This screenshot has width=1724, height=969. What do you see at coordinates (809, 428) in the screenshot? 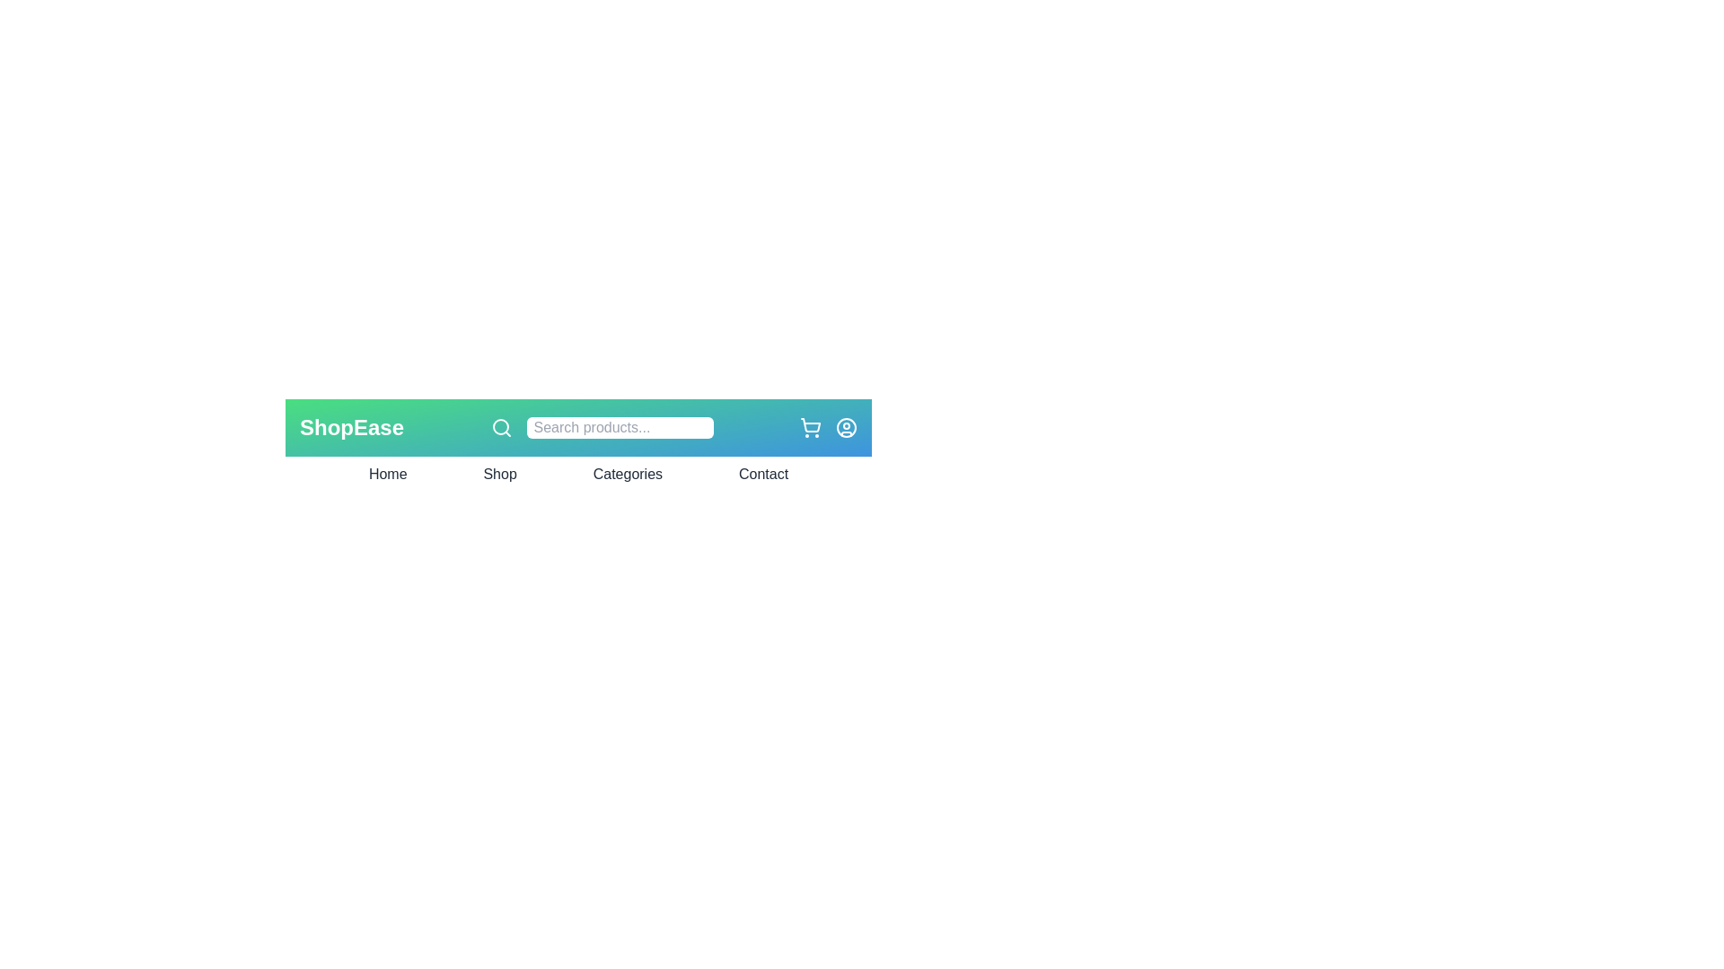
I see `the shopping cart icon` at bounding box center [809, 428].